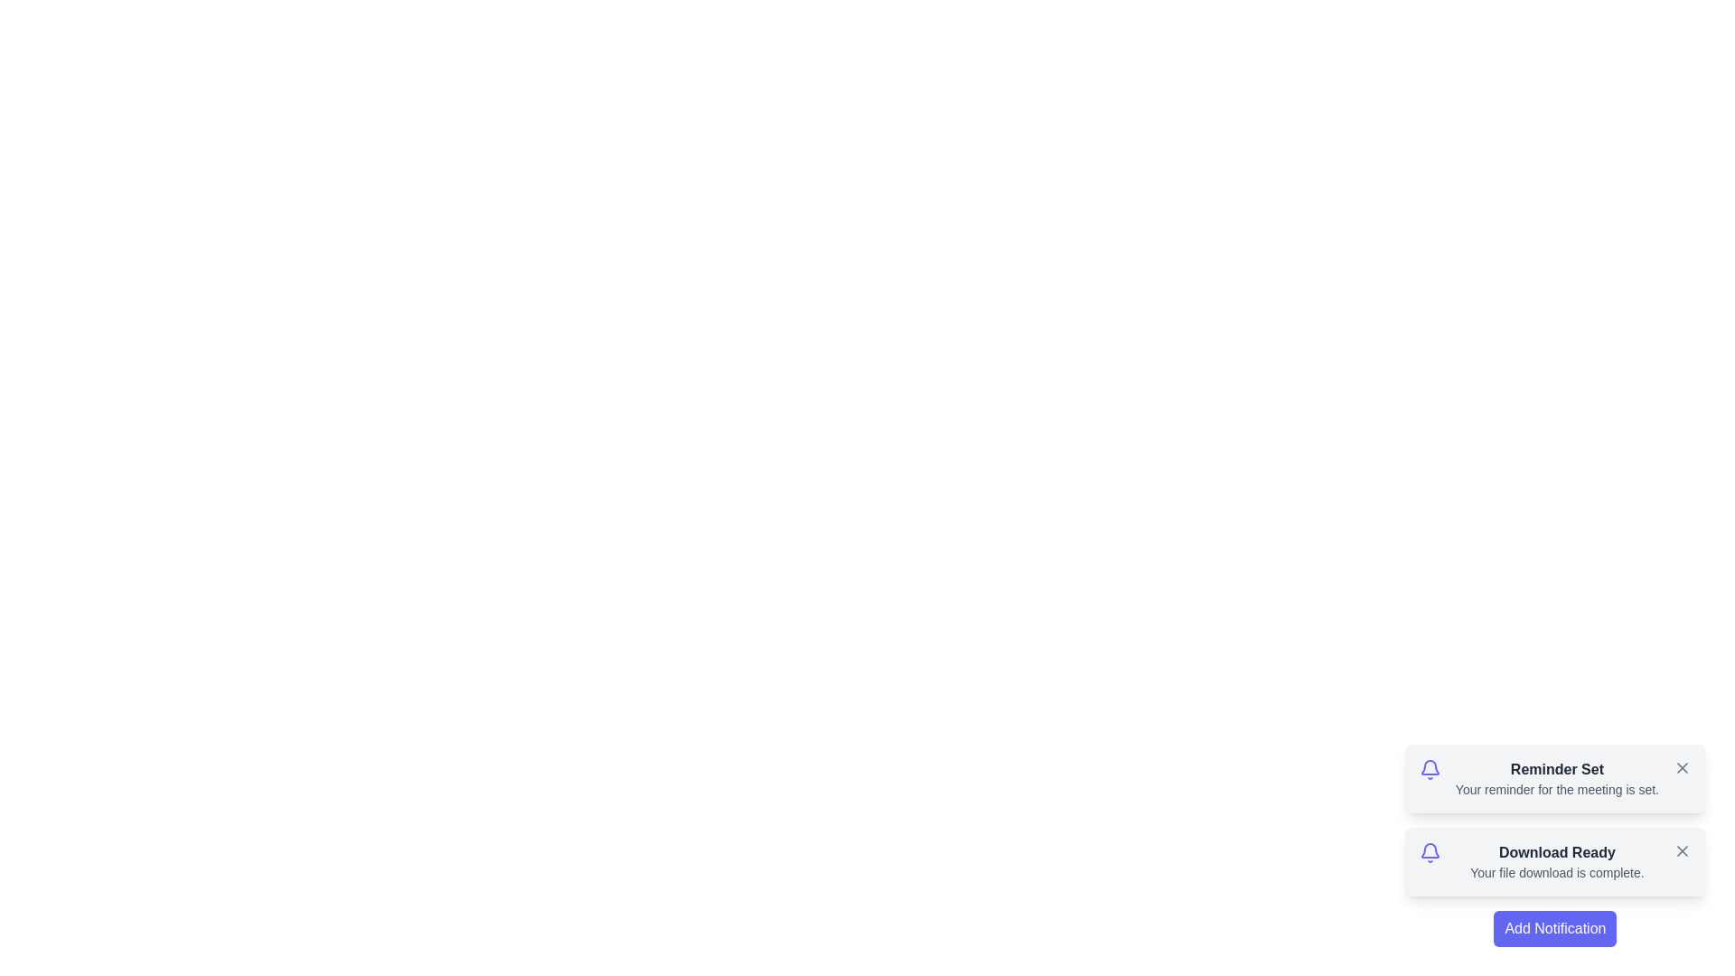 This screenshot has width=1735, height=976. Describe the element at coordinates (1556, 853) in the screenshot. I see `the bold dark gray text label that says 'Download Ready', which is positioned at the top of a notification card in the bottom-right corner of the interface` at that location.